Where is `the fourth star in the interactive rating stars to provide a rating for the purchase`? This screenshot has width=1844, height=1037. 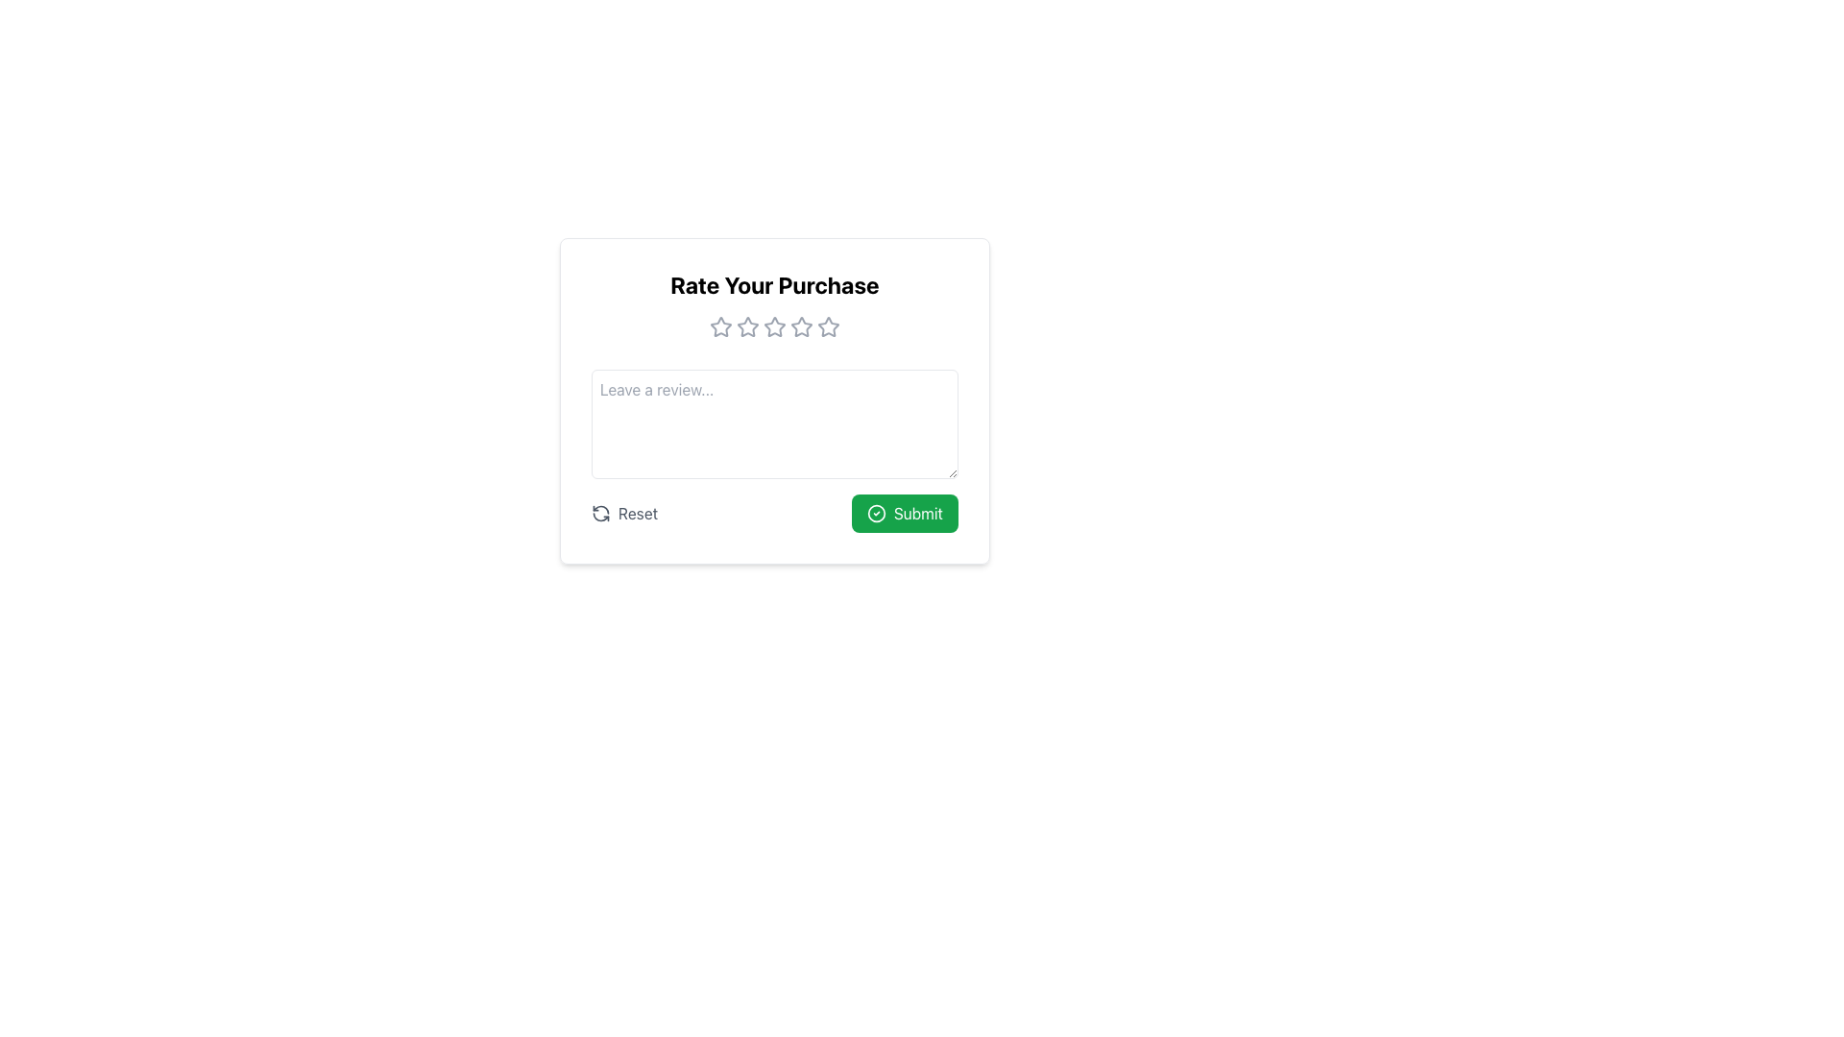 the fourth star in the interactive rating stars to provide a rating for the purchase is located at coordinates (802, 326).